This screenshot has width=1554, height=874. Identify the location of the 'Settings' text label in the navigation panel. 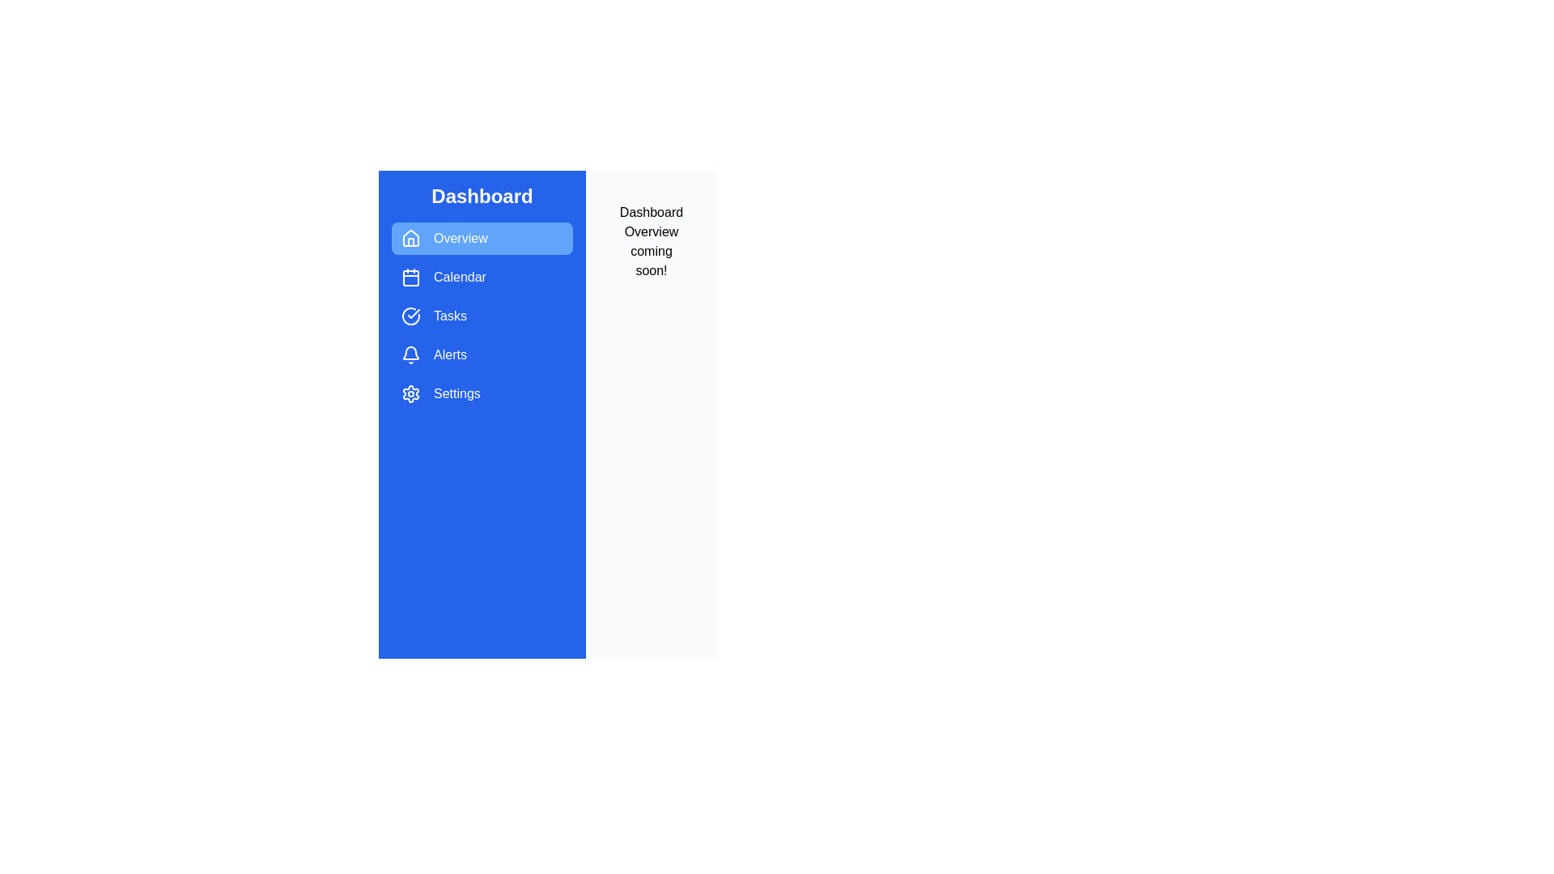
(456, 393).